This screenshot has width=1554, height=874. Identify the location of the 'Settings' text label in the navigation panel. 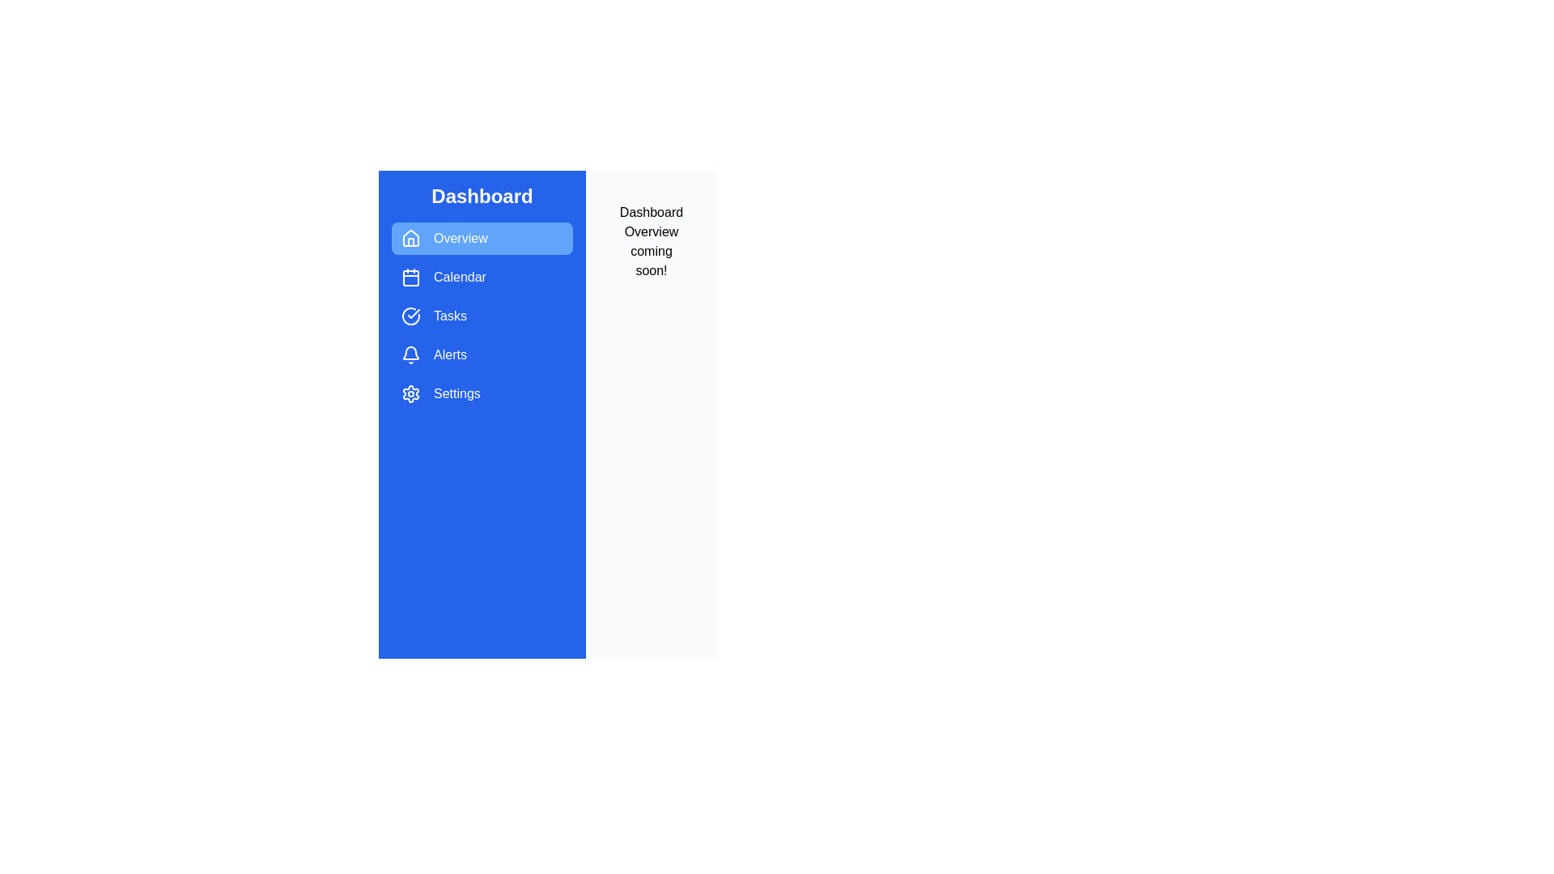
(456, 393).